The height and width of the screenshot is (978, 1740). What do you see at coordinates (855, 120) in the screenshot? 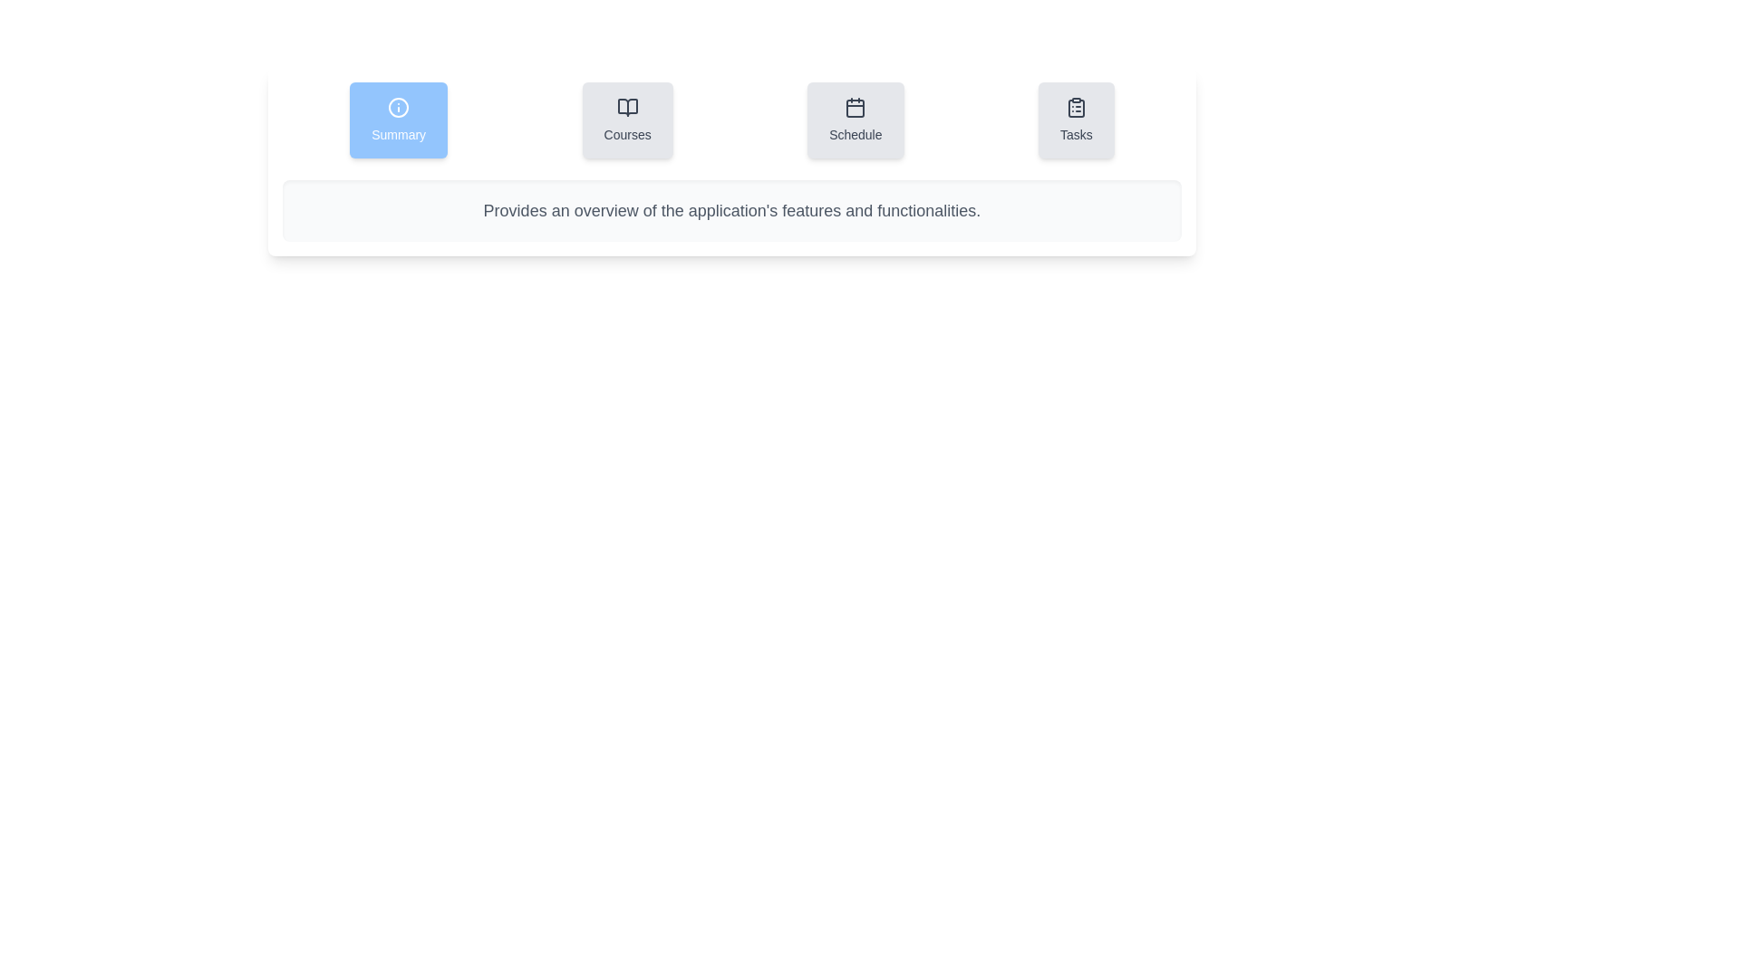
I see `the Schedule tab` at bounding box center [855, 120].